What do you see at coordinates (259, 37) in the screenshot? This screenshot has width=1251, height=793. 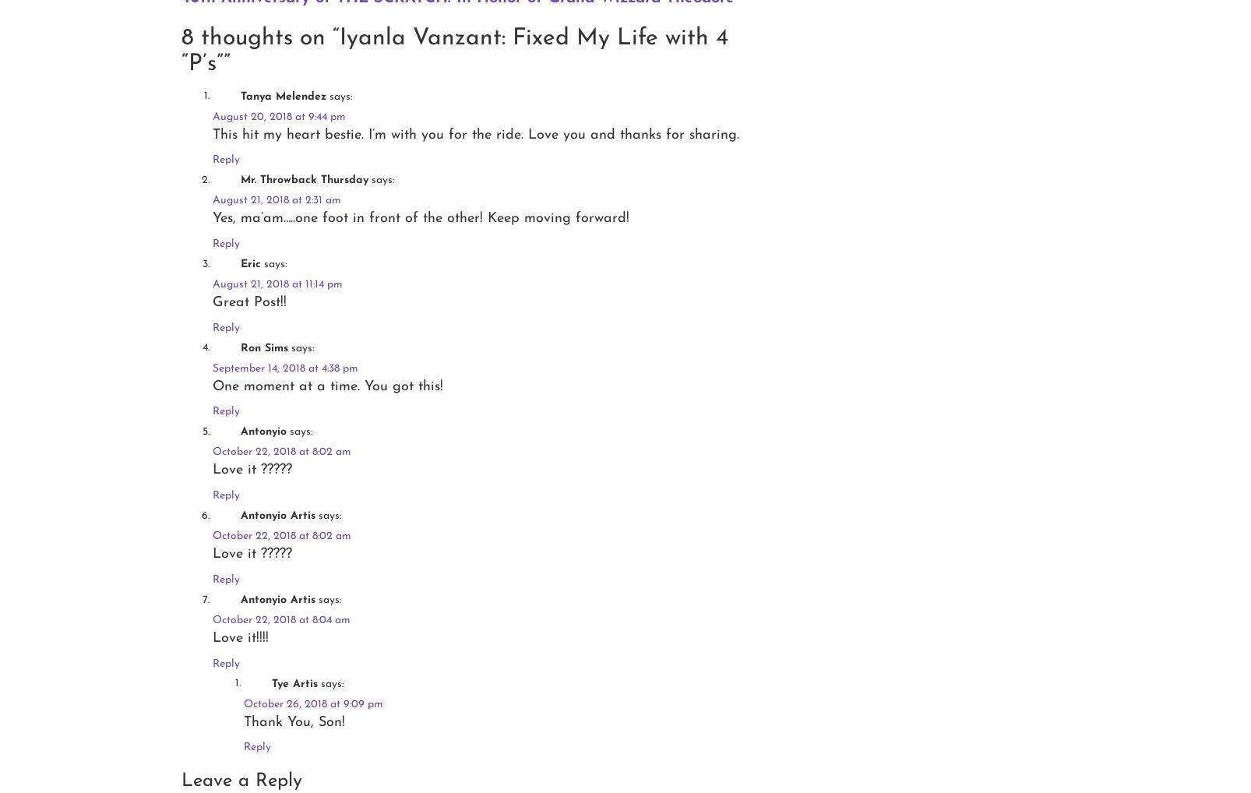 I see `'8 thoughts on “'` at bounding box center [259, 37].